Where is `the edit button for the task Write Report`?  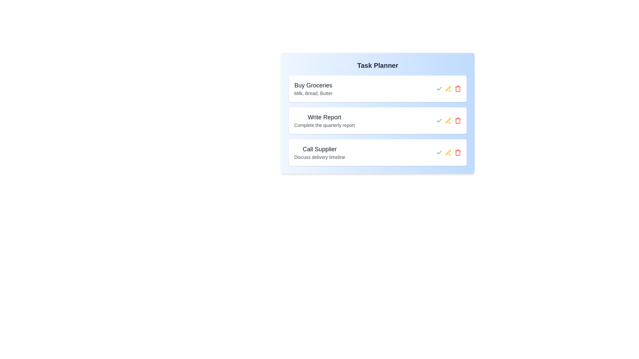
the edit button for the task Write Report is located at coordinates (449, 120).